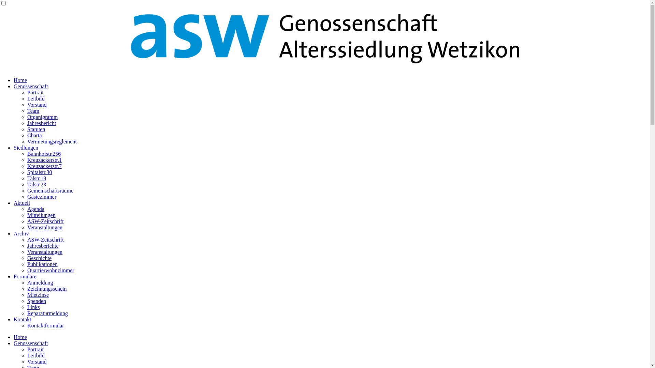  What do you see at coordinates (21, 202) in the screenshot?
I see `'Aktuell'` at bounding box center [21, 202].